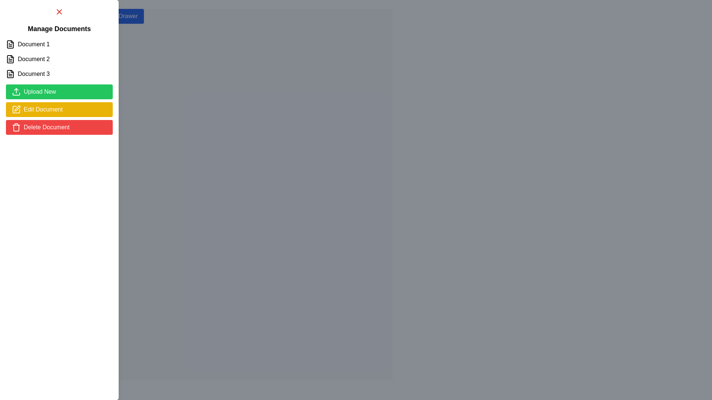 The width and height of the screenshot is (712, 400). Describe the element at coordinates (59, 59) in the screenshot. I see `the list item labeled 'Document 2' in the sidebar 'Manage Documents'` at that location.